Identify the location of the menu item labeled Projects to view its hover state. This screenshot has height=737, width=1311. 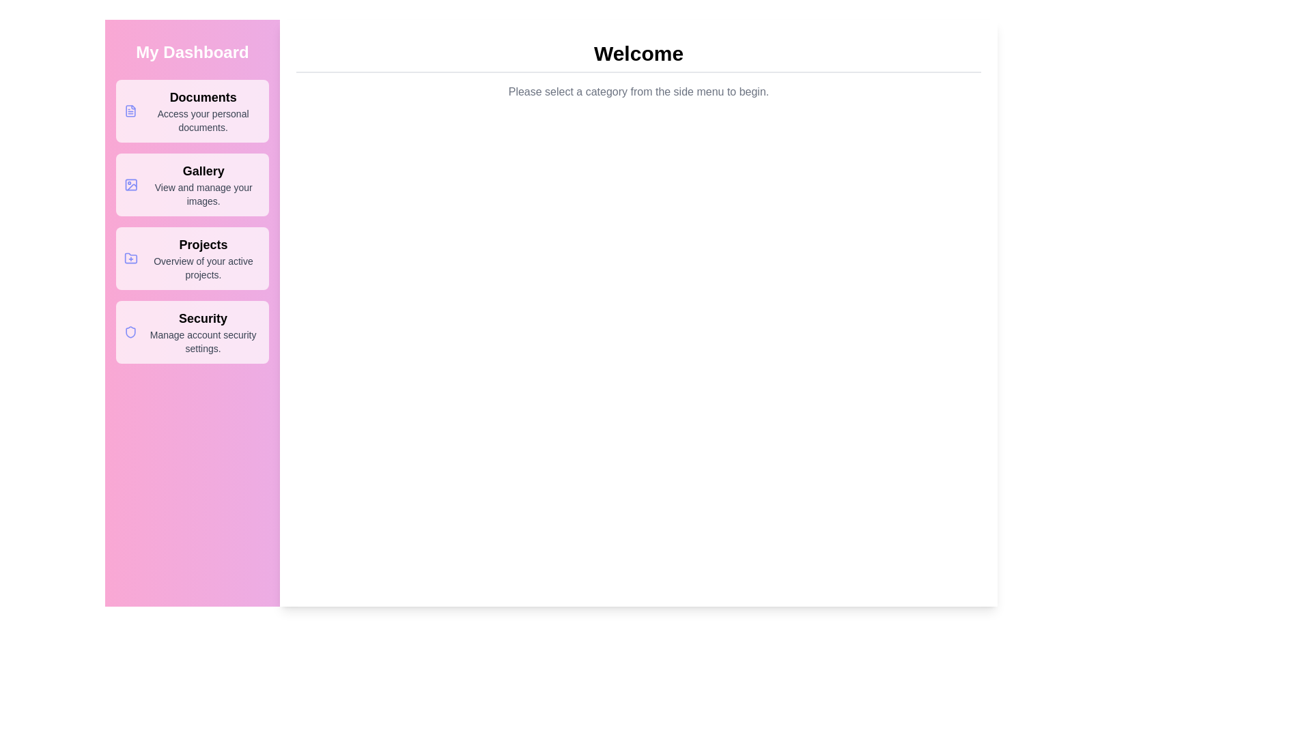
(192, 258).